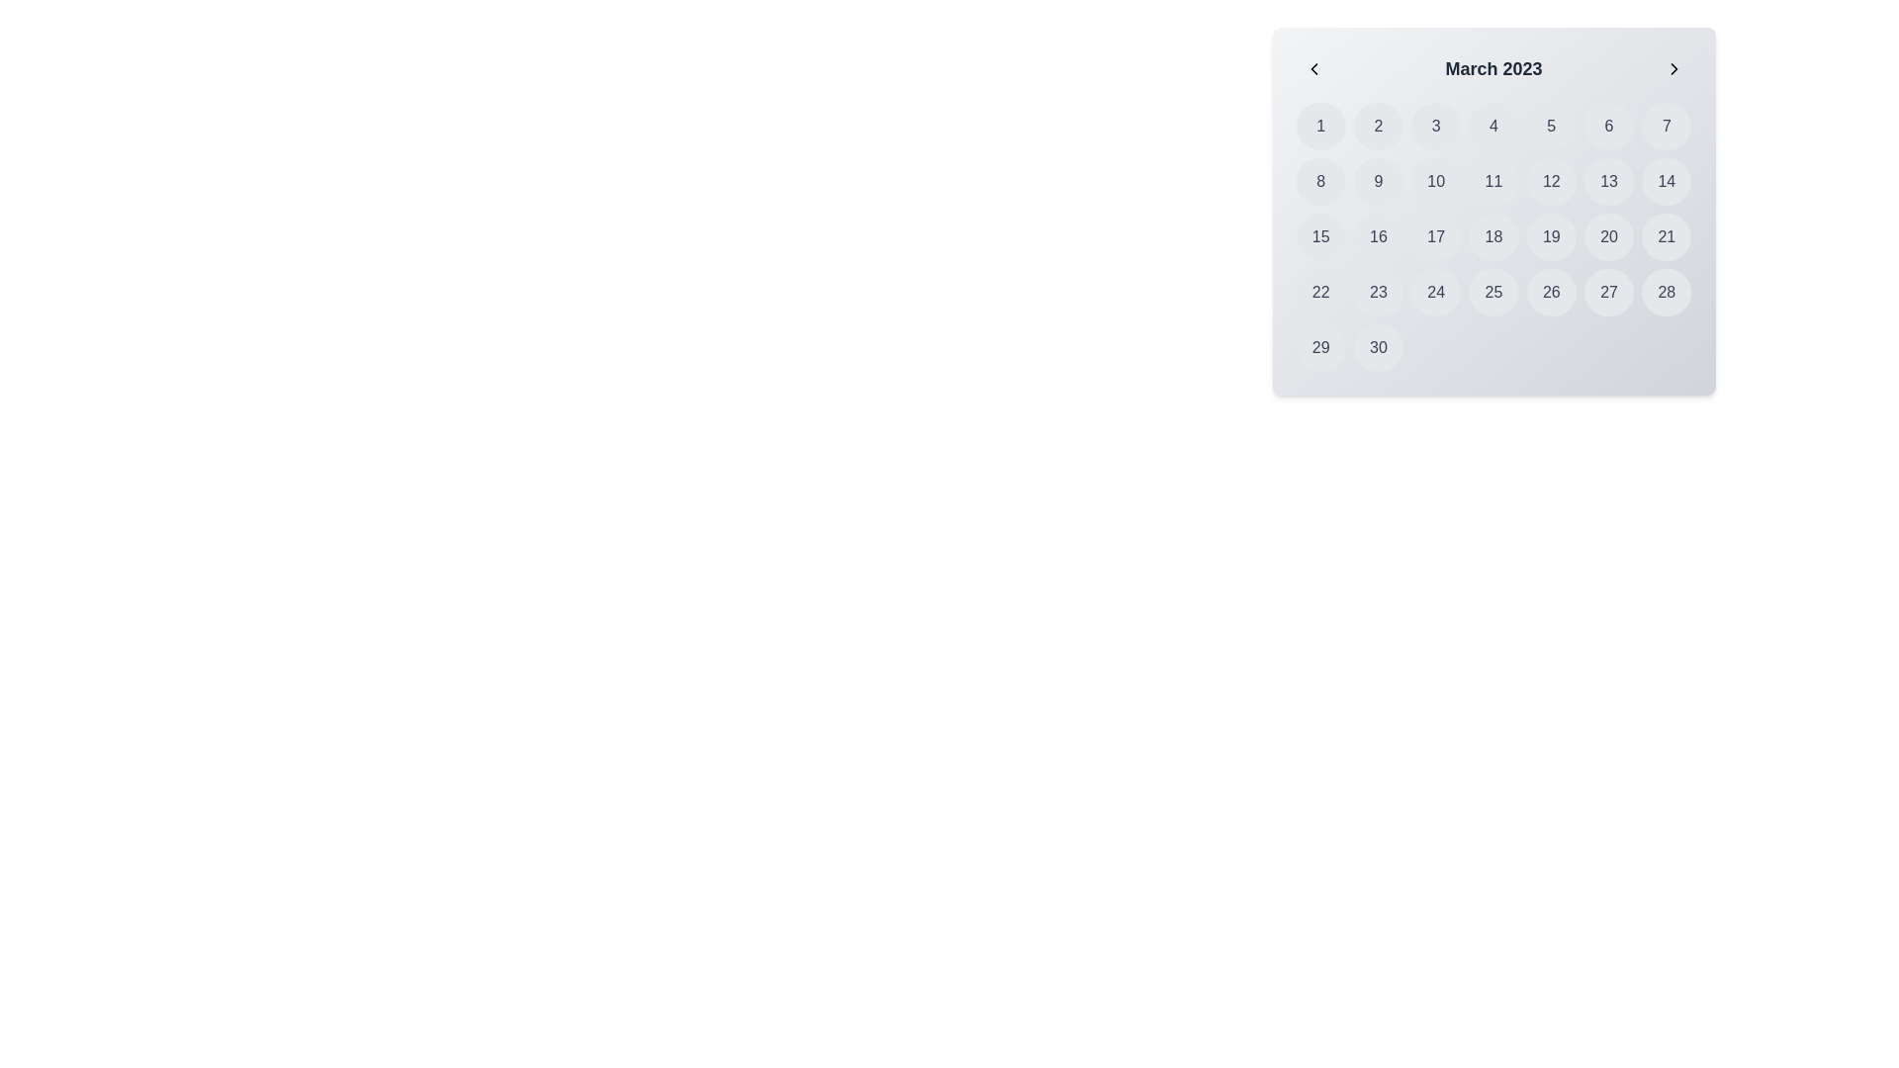 The width and height of the screenshot is (1899, 1068). Describe the element at coordinates (1673, 67) in the screenshot. I see `the right-facing chevron icon button located in the top-right corner of the calendar interface, directly to the right of the 'March 2023' label, using keyboard navigation for accessibility options` at that location.